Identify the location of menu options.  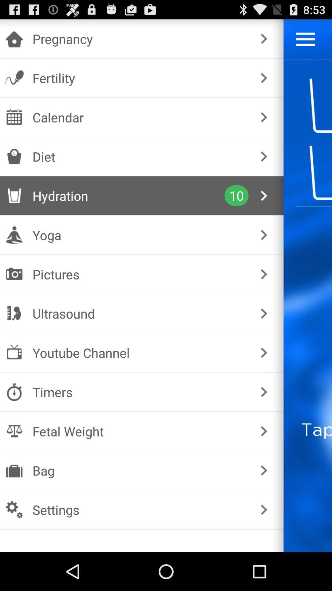
(305, 39).